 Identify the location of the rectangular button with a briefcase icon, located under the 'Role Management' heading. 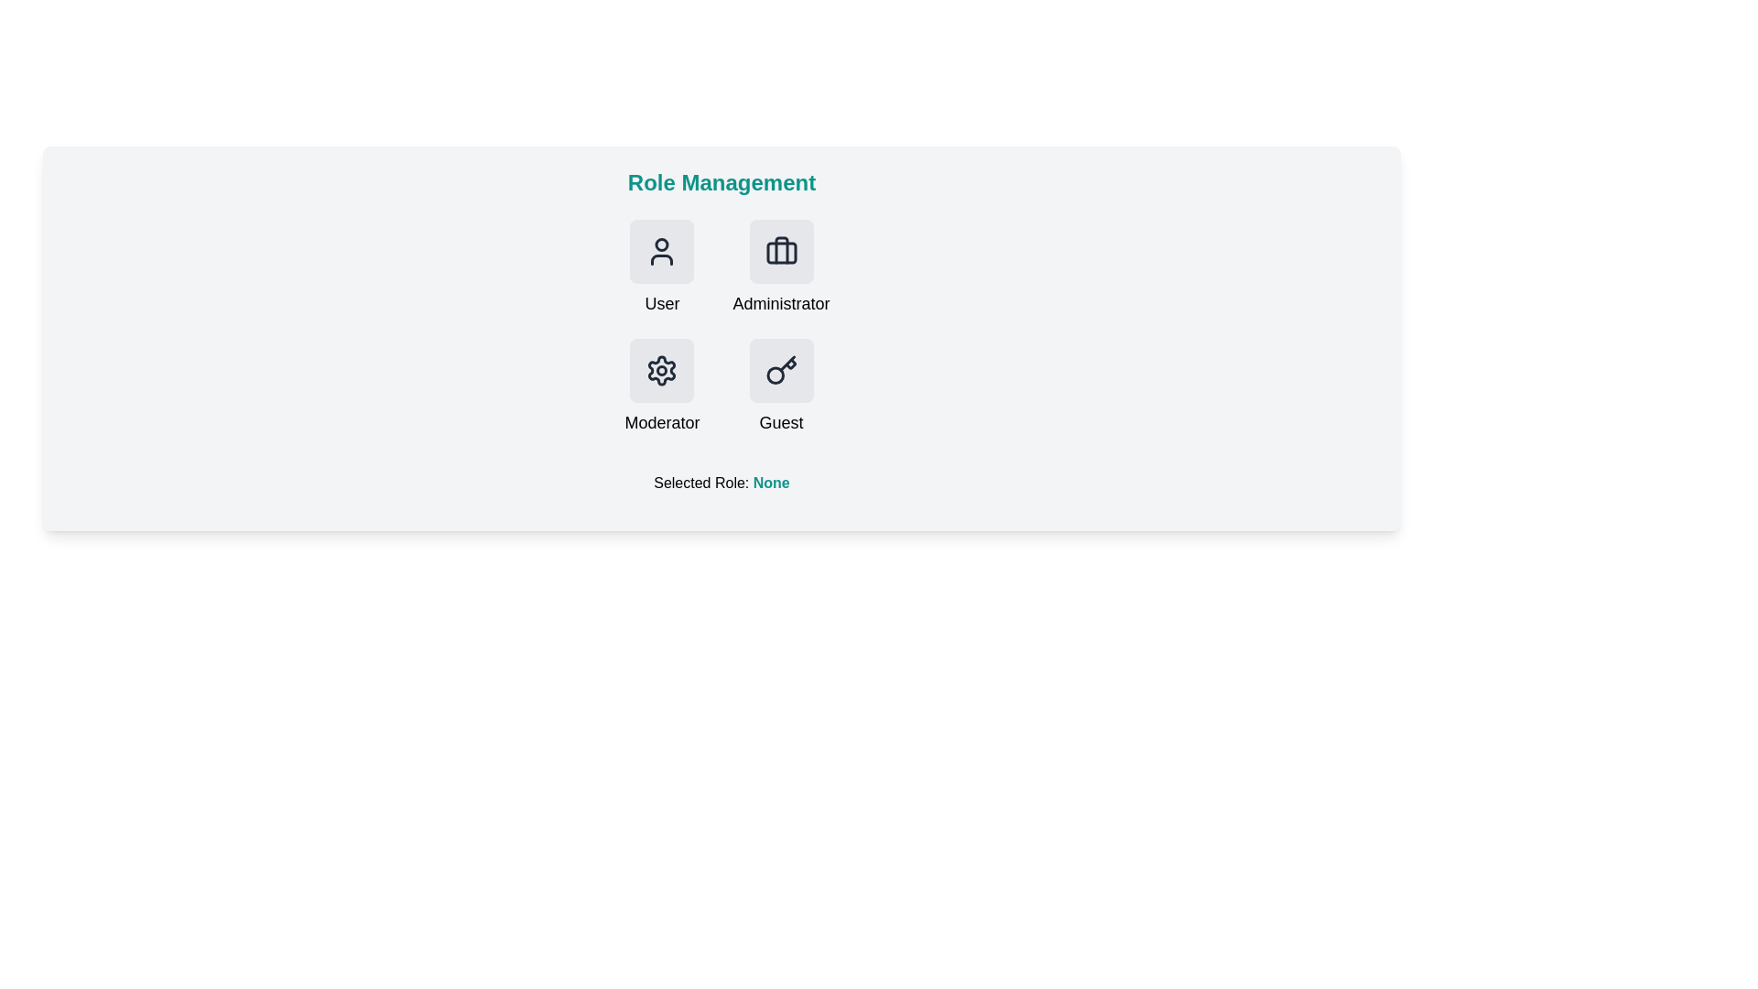
(781, 251).